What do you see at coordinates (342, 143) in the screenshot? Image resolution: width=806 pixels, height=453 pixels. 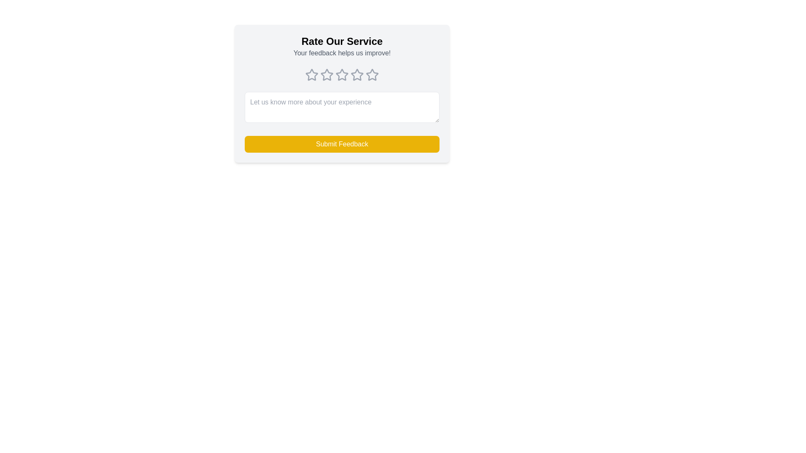 I see `the rectangular button with a yellow background and white text that says 'Submit Feedback'` at bounding box center [342, 143].